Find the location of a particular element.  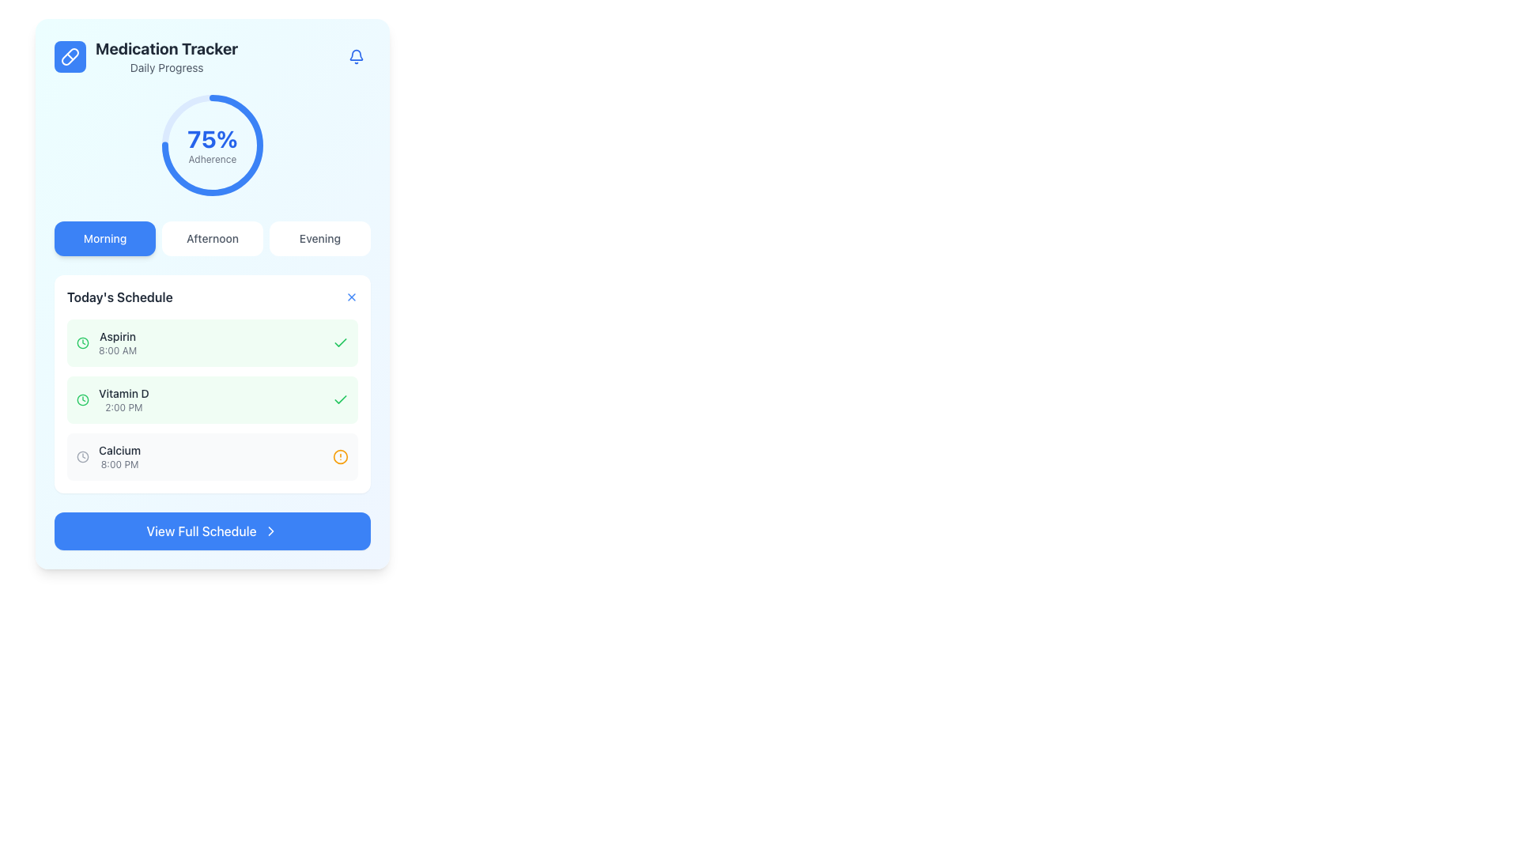

the 'Adherence' text label displayed in light gray font, located below the '75%' label within the progress visualization section of the 'Medication Tracker' card is located at coordinates (211, 159).